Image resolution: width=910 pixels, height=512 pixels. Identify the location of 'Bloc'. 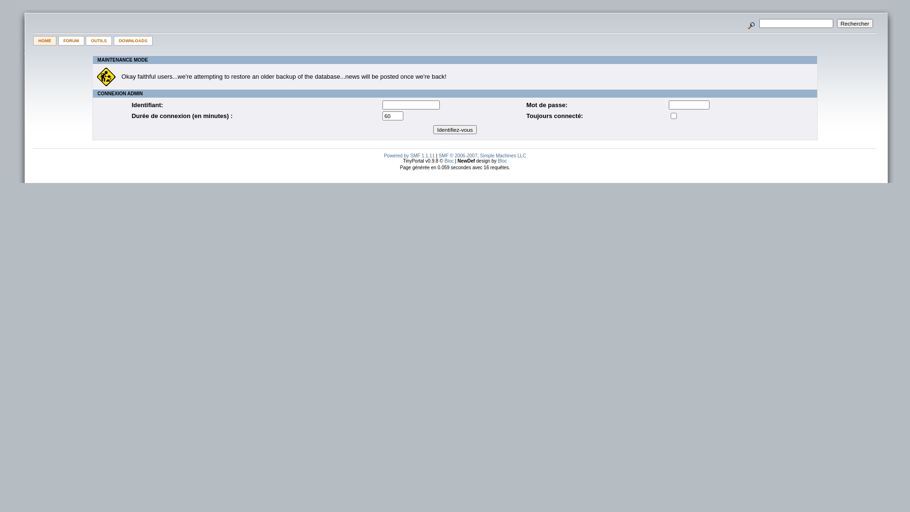
(448, 160).